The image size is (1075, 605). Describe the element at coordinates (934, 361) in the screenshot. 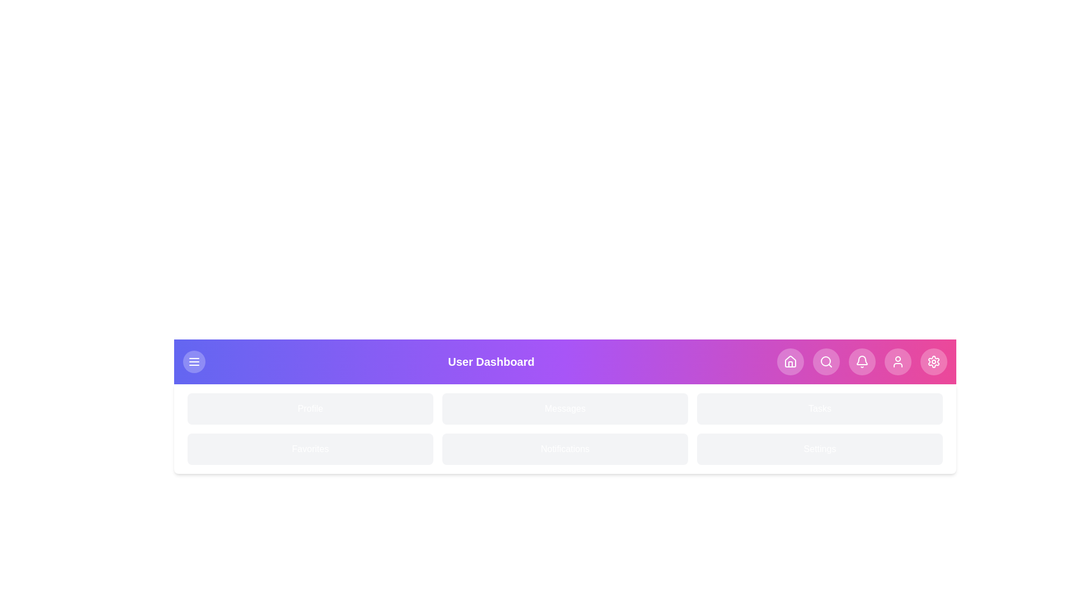

I see `the navigation button corresponding to Settings` at that location.